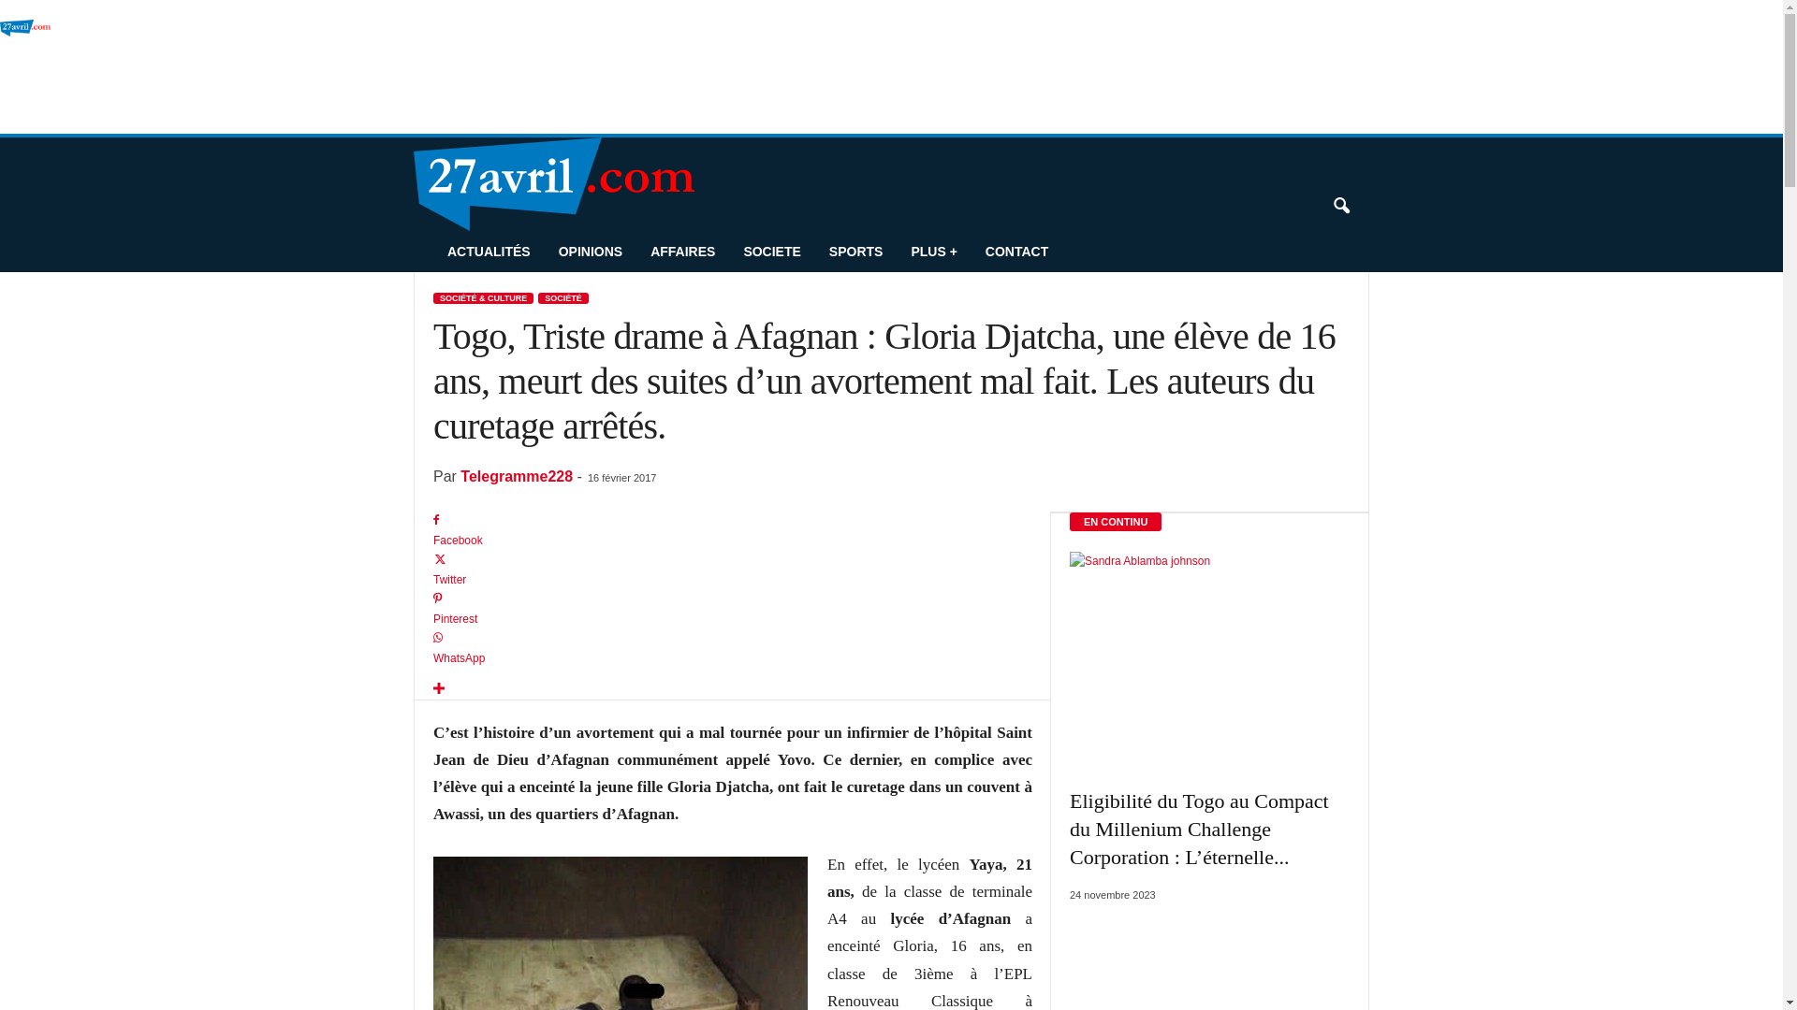  Describe the element at coordinates (681, 251) in the screenshot. I see `'AFFAIRES'` at that location.